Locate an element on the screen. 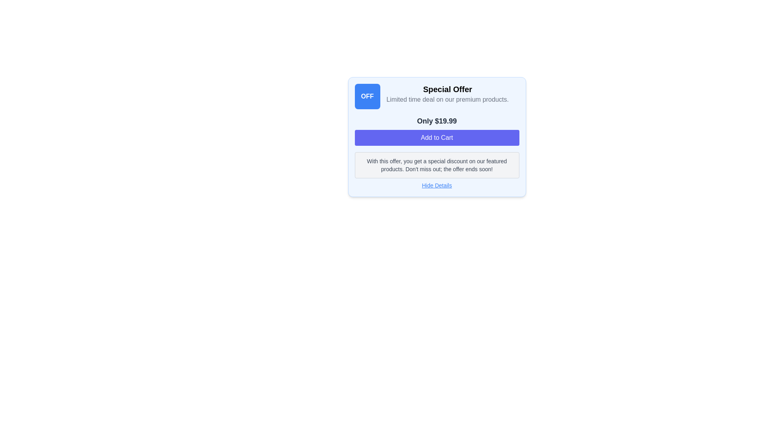 The height and width of the screenshot is (429, 763). the text label displaying 'Only $19.99' which is bold and centered on a light blue background is located at coordinates (436, 121).